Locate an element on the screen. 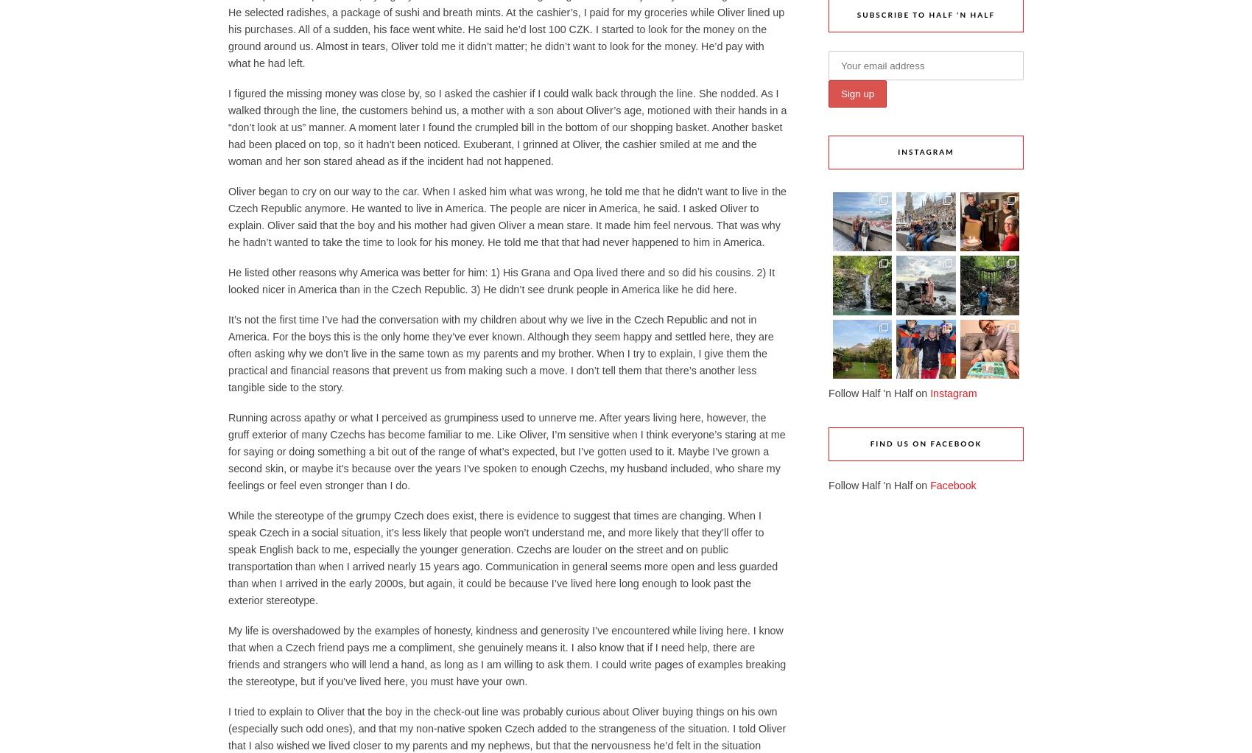 The image size is (1252, 753). 'My life is overshadowed by the examples of honesty, kindness and generosity I’ve encountered while living here. I know that when a Czech friend pays me a compliment, she genuinely means it. I also know that if I need help, there are friends and strangers who will lend a hand, as long as I am willing to ask them. I could write pages of examples breaking the stereotype, but if you’ve lived here, you must have your own.' is located at coordinates (507, 654).